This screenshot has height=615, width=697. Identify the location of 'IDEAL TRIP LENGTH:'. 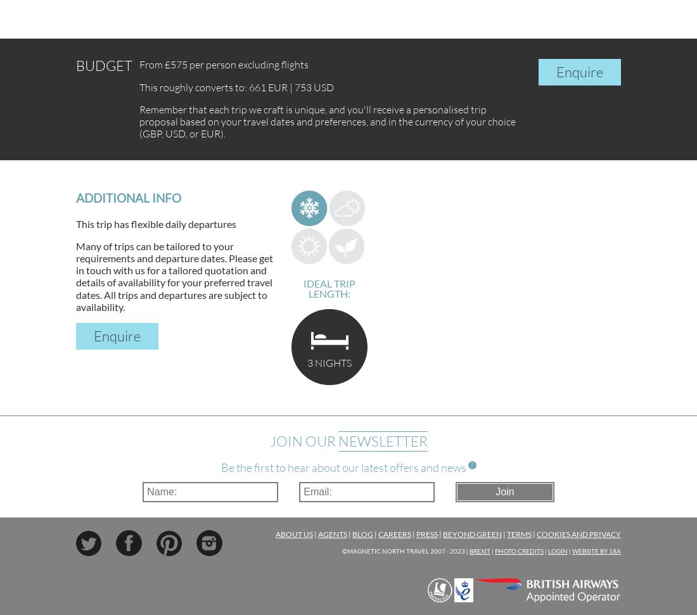
(329, 288).